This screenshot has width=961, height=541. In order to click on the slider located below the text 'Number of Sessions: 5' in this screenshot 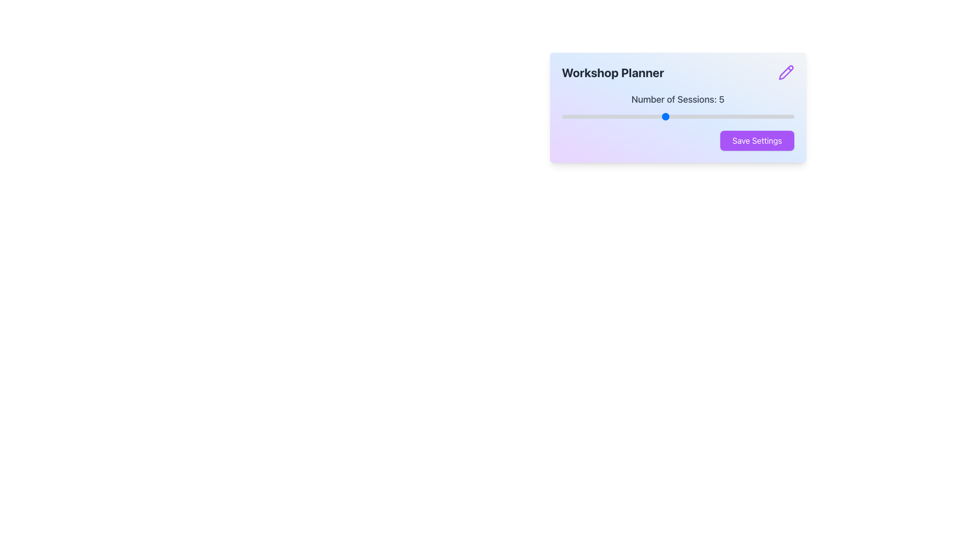, I will do `click(678, 116)`.